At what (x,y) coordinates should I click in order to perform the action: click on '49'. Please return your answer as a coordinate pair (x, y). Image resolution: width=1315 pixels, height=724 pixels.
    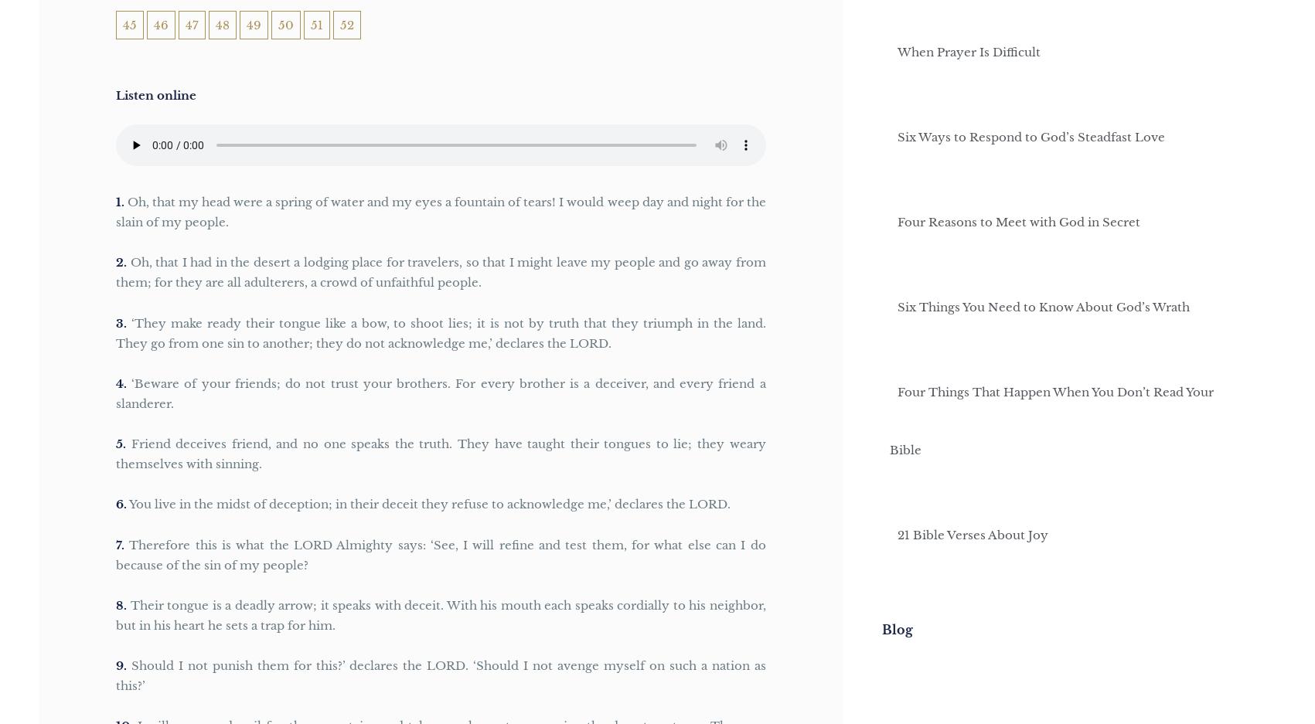
    Looking at the image, I should click on (254, 24).